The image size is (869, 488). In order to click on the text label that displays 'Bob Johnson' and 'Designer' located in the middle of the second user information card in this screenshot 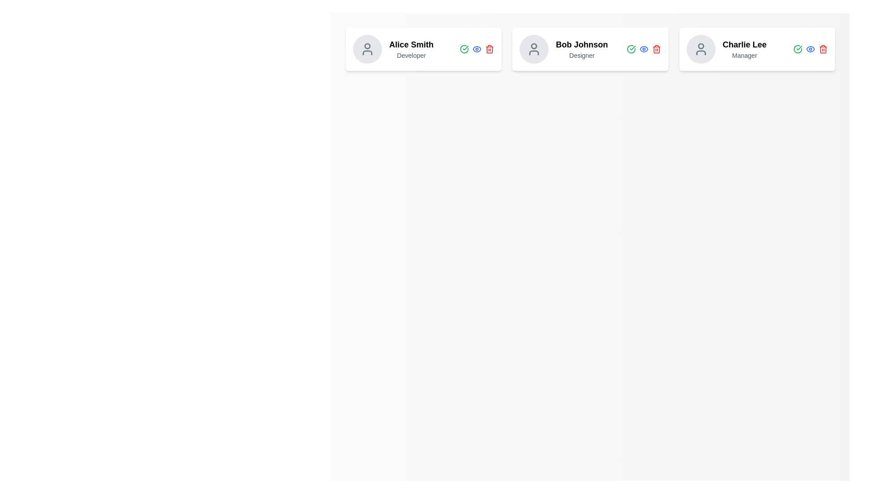, I will do `click(582, 49)`.